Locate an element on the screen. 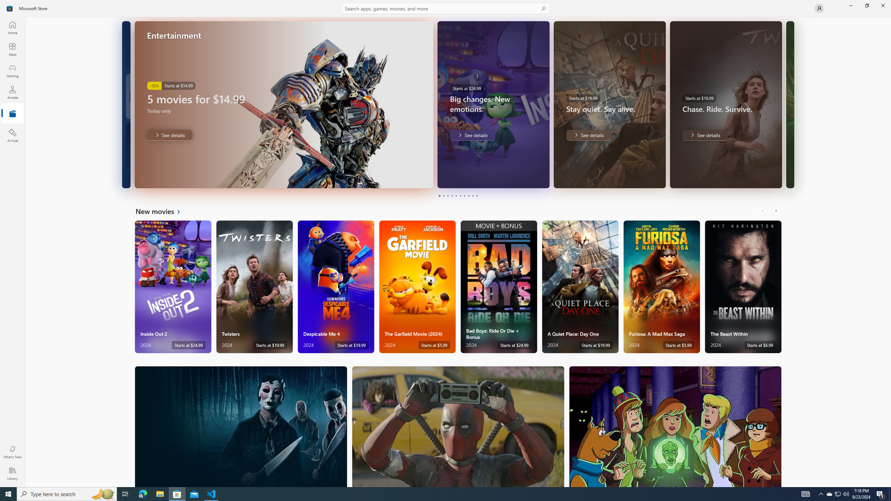 The image size is (891, 501). 'Page 5' is located at coordinates (455, 196).